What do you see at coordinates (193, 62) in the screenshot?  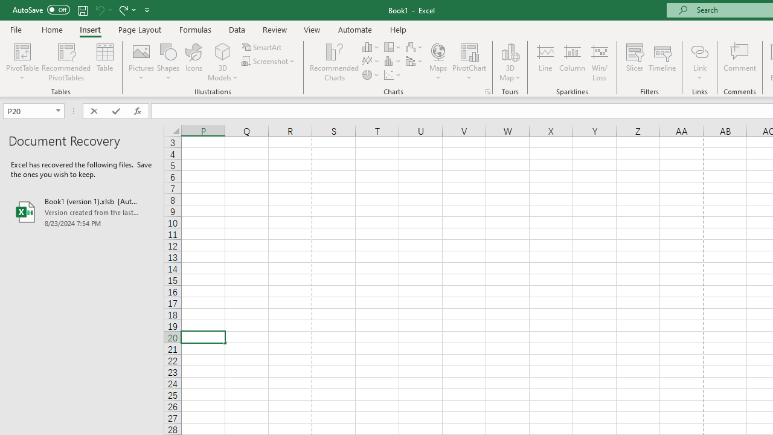 I see `'Icons'` at bounding box center [193, 62].